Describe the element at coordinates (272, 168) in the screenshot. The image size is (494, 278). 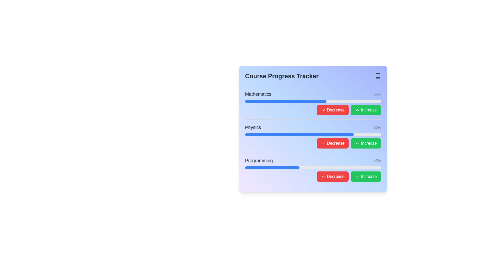
I see `the blue progress bar indicating programming completion within the Course Progress Tracker` at that location.